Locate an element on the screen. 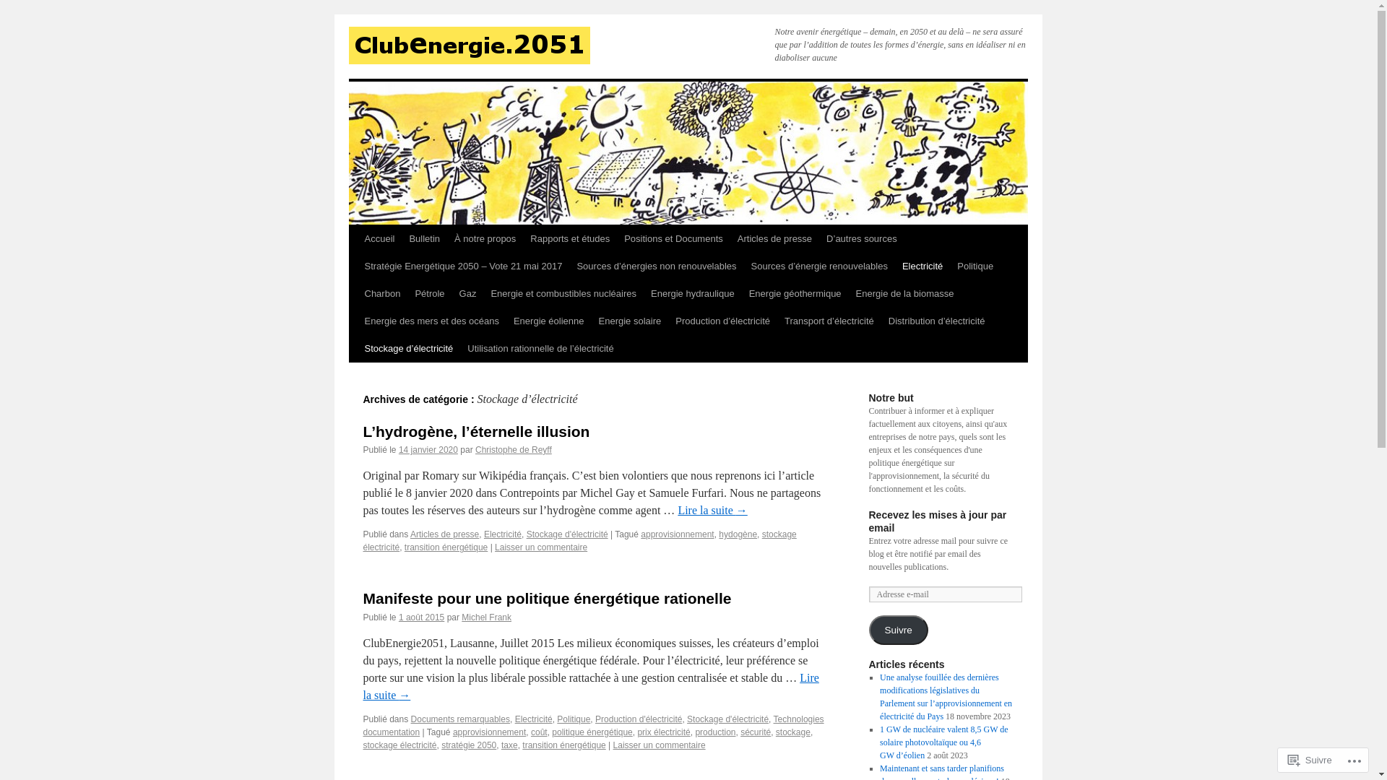 Image resolution: width=1387 pixels, height=780 pixels. 'Laisser un commentaire' is located at coordinates (540, 547).